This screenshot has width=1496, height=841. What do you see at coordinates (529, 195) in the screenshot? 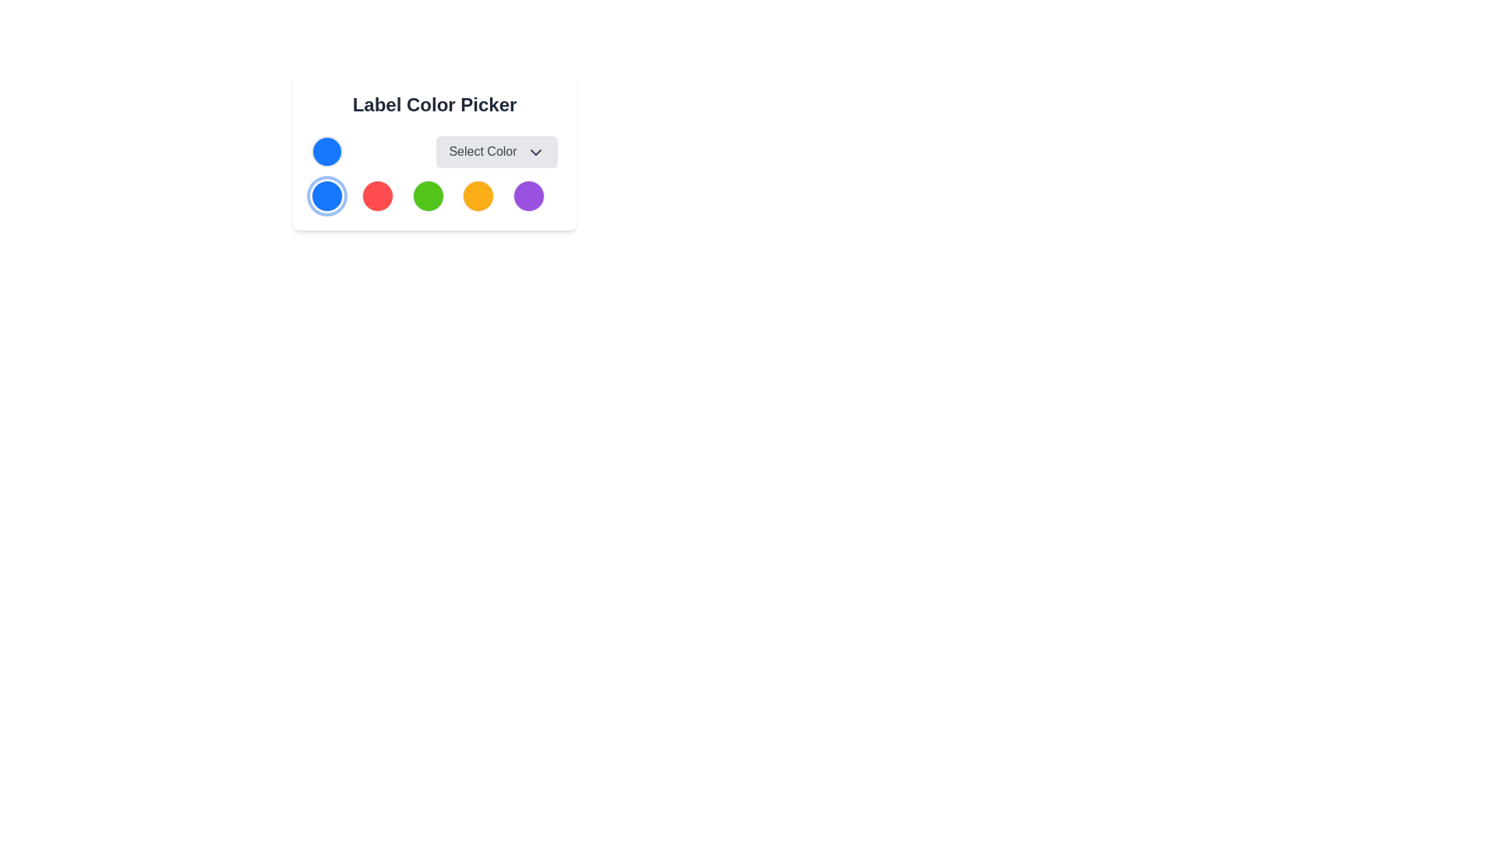
I see `the color selection button representing the purple color located in the bottom row of the color picker grid, the fifth position from the left` at bounding box center [529, 195].